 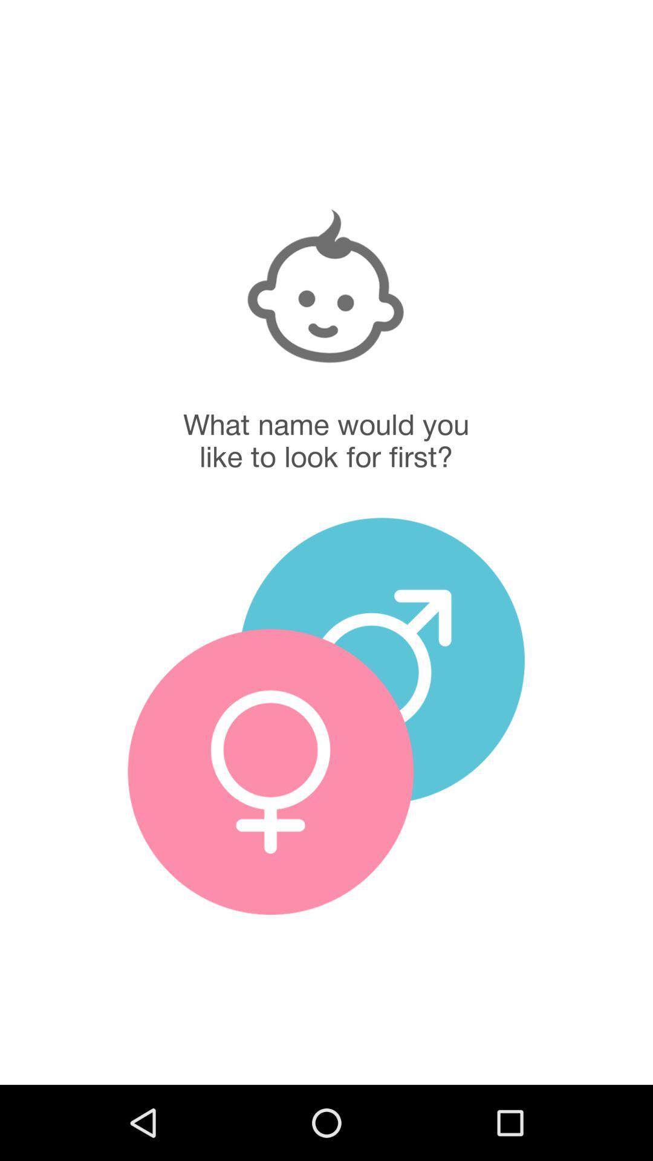 What do you see at coordinates (382, 660) in the screenshot?
I see `make names` at bounding box center [382, 660].